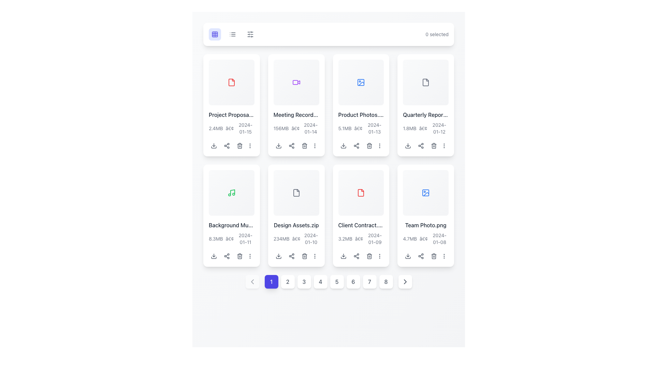  What do you see at coordinates (215, 128) in the screenshot?
I see `the static text label displaying '2.4MB' that is part of the text line '2.4MB • 2024-01-15', located in the lower-left area of the 'Project Proposal' card` at bounding box center [215, 128].